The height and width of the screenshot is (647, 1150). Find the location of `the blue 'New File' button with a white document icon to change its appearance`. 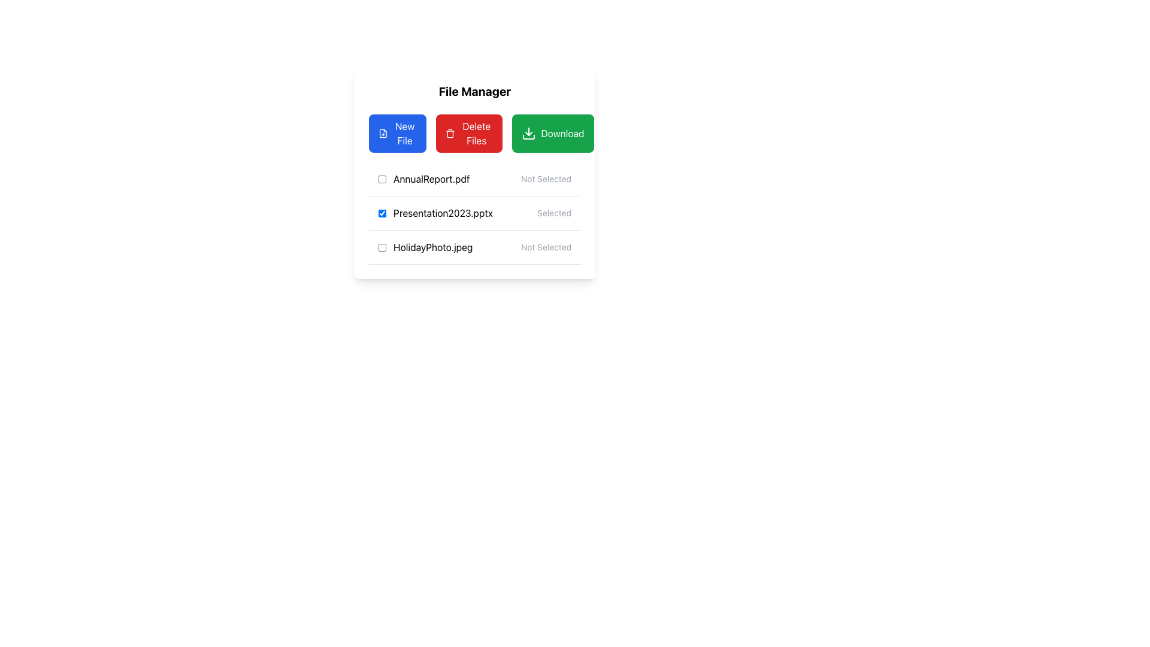

the blue 'New File' button with a white document icon to change its appearance is located at coordinates (398, 134).